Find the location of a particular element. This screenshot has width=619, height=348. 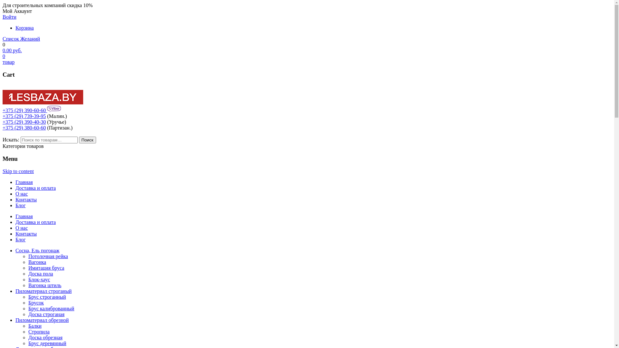

'+375 (29) 390-40-30' is located at coordinates (24, 122).